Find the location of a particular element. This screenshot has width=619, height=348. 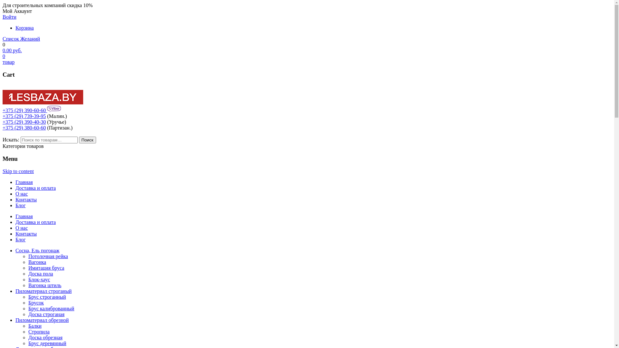

'+375 (29) 390-40-30' is located at coordinates (24, 122).